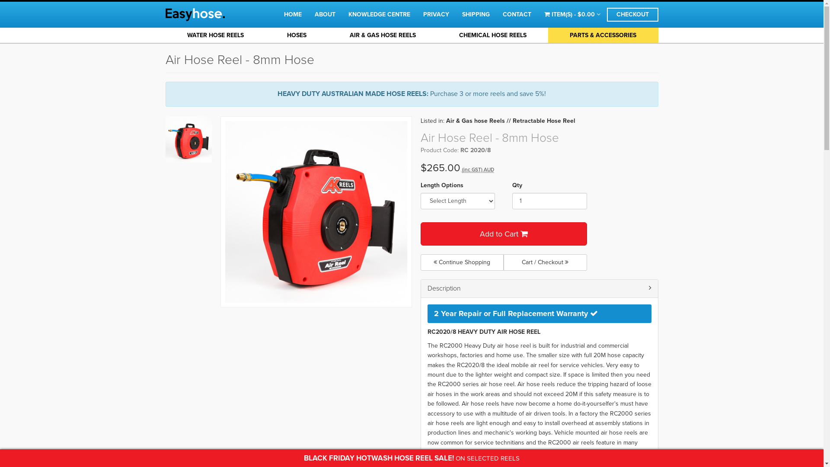 Image resolution: width=830 pixels, height=467 pixels. Describe the element at coordinates (215, 35) in the screenshot. I see `'WATER HOSE REELS'` at that location.